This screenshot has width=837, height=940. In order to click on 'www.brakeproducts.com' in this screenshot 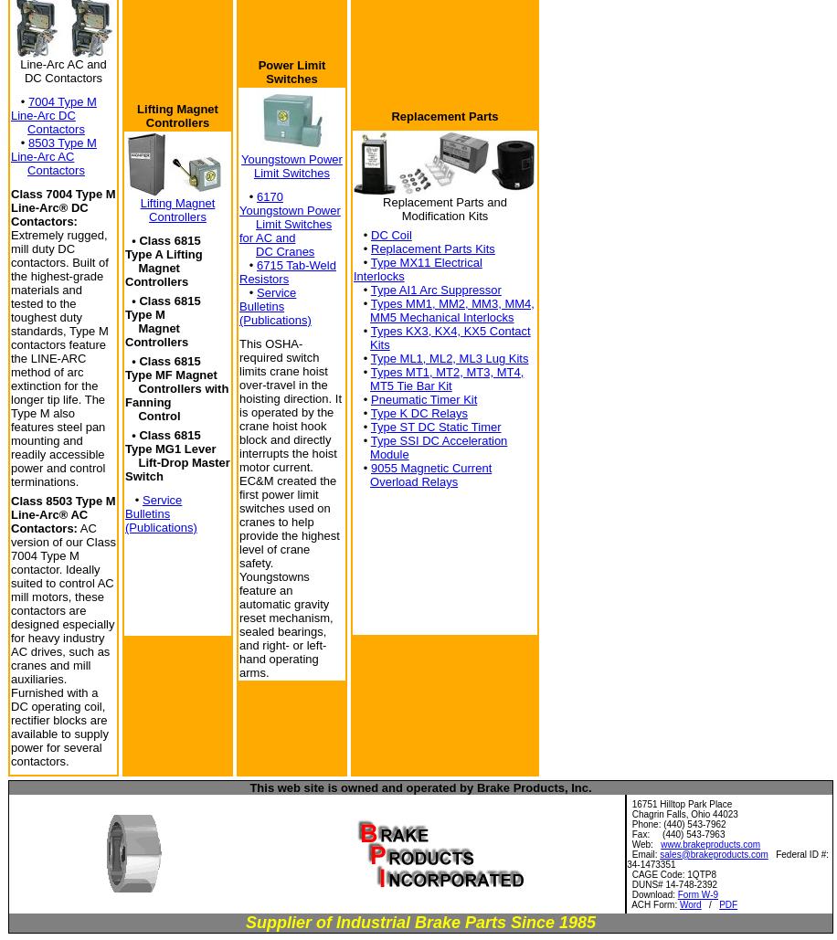, I will do `click(709, 843)`.